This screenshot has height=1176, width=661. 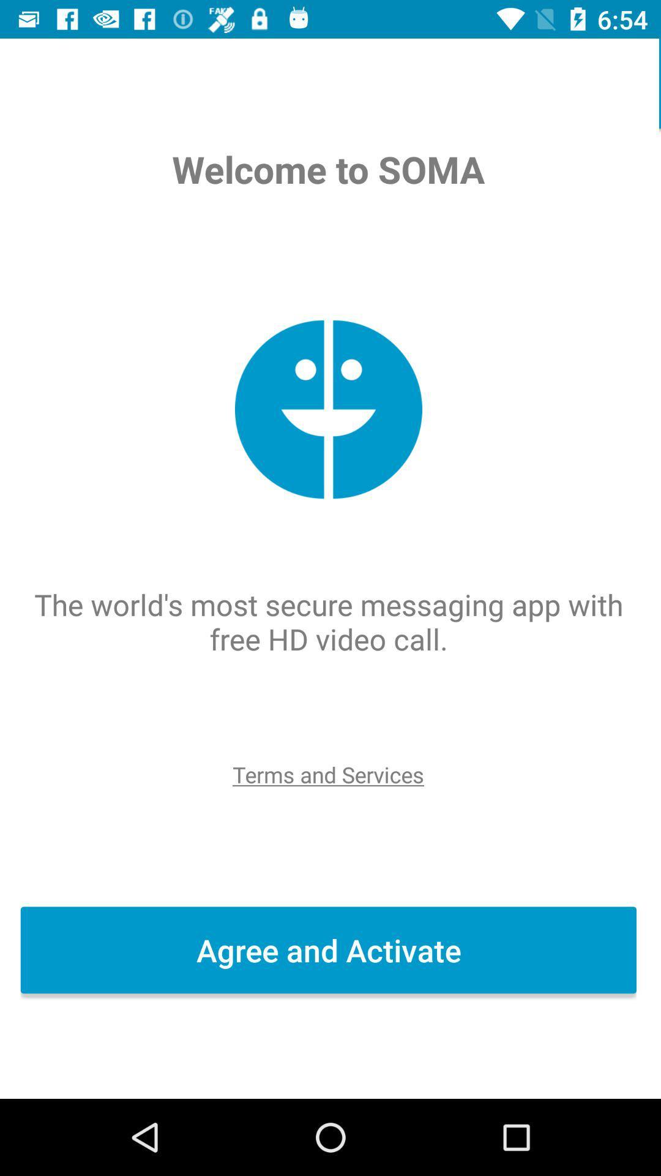 I want to click on terms and services, so click(x=329, y=774).